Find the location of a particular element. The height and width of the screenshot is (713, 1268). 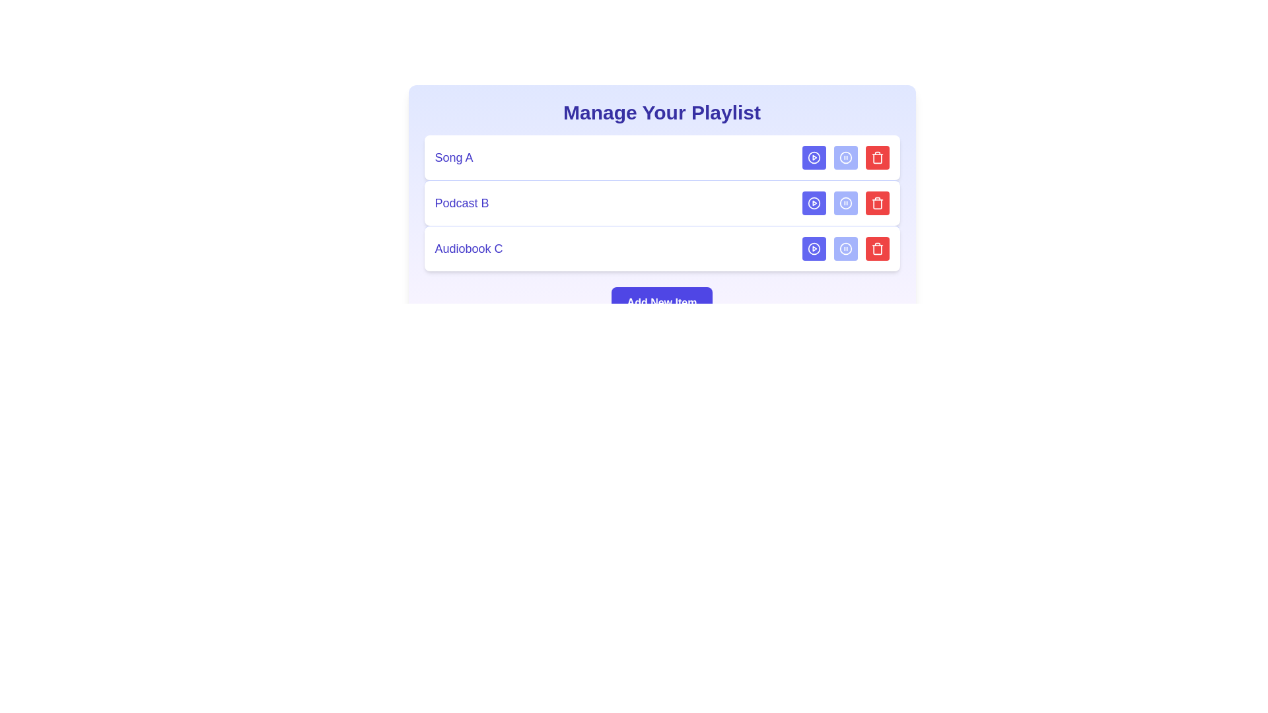

'Play' button for the media item Song A is located at coordinates (813, 157).